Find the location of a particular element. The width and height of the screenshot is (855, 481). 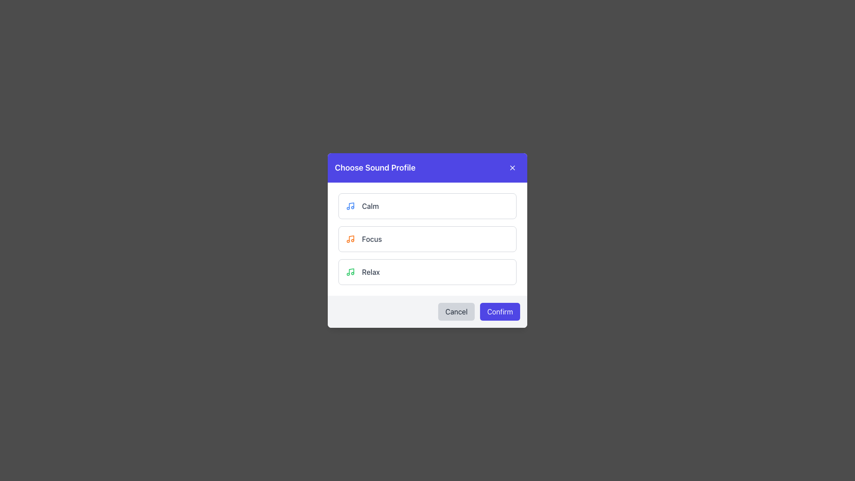

the confirmation button located in the lower right corner of the dialog box to confirm the action is located at coordinates (500, 311).